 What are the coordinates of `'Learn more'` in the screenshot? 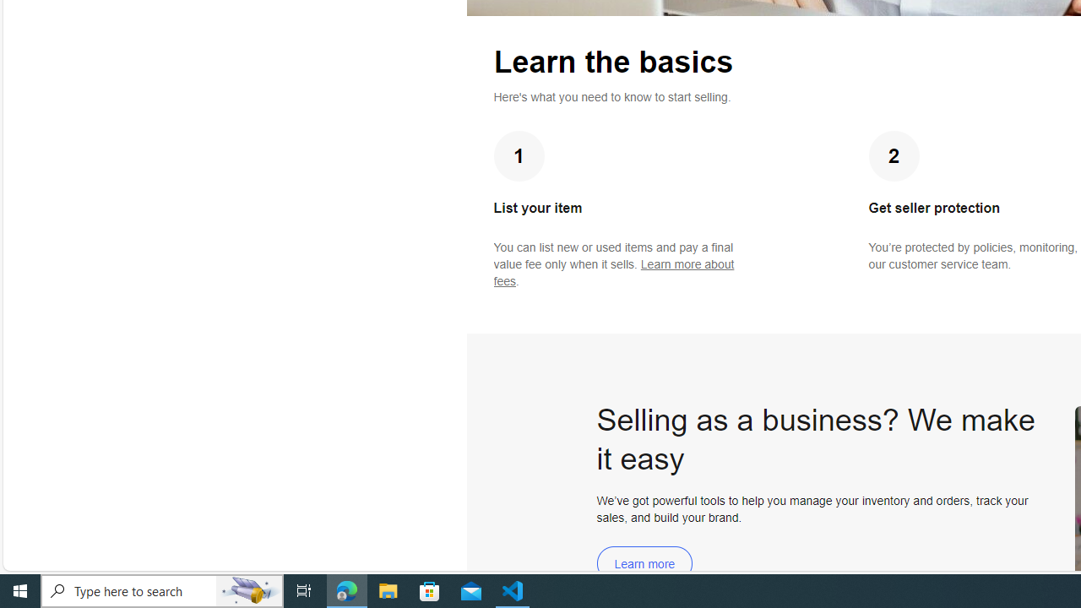 It's located at (644, 563).